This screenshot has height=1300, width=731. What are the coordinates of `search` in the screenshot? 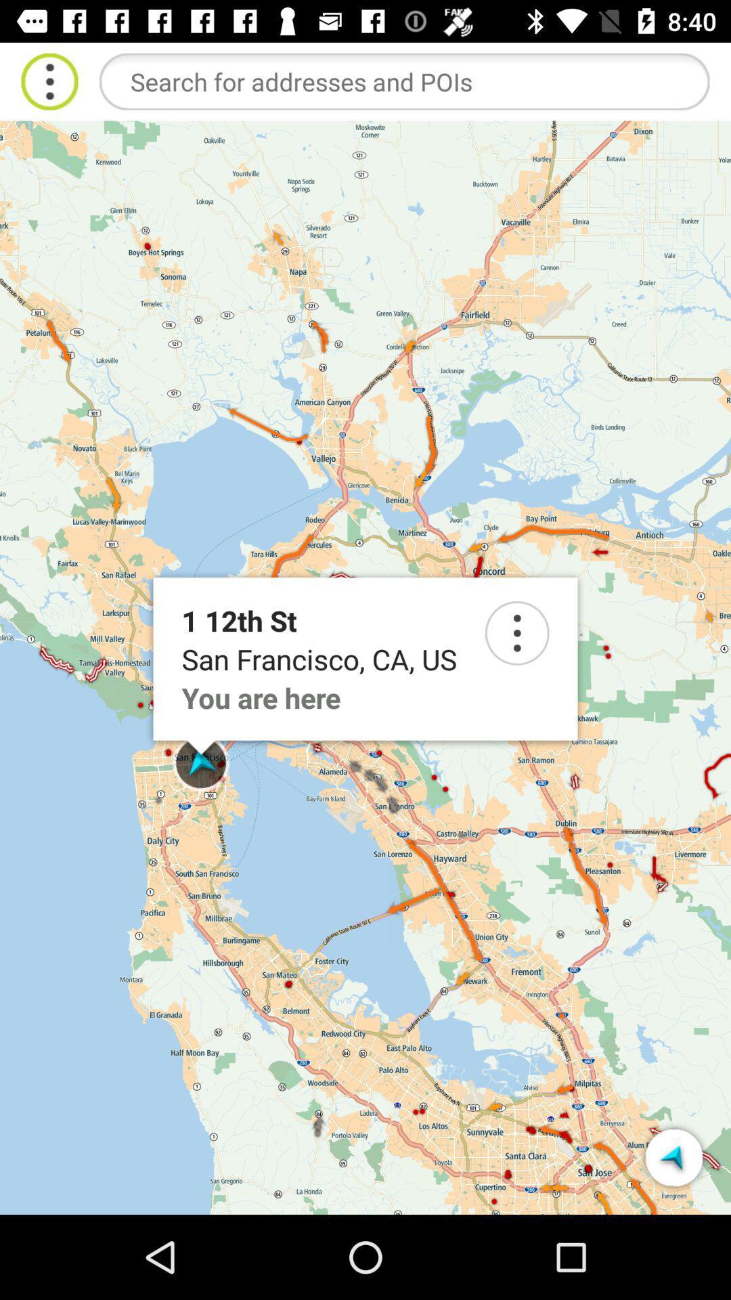 It's located at (517, 632).